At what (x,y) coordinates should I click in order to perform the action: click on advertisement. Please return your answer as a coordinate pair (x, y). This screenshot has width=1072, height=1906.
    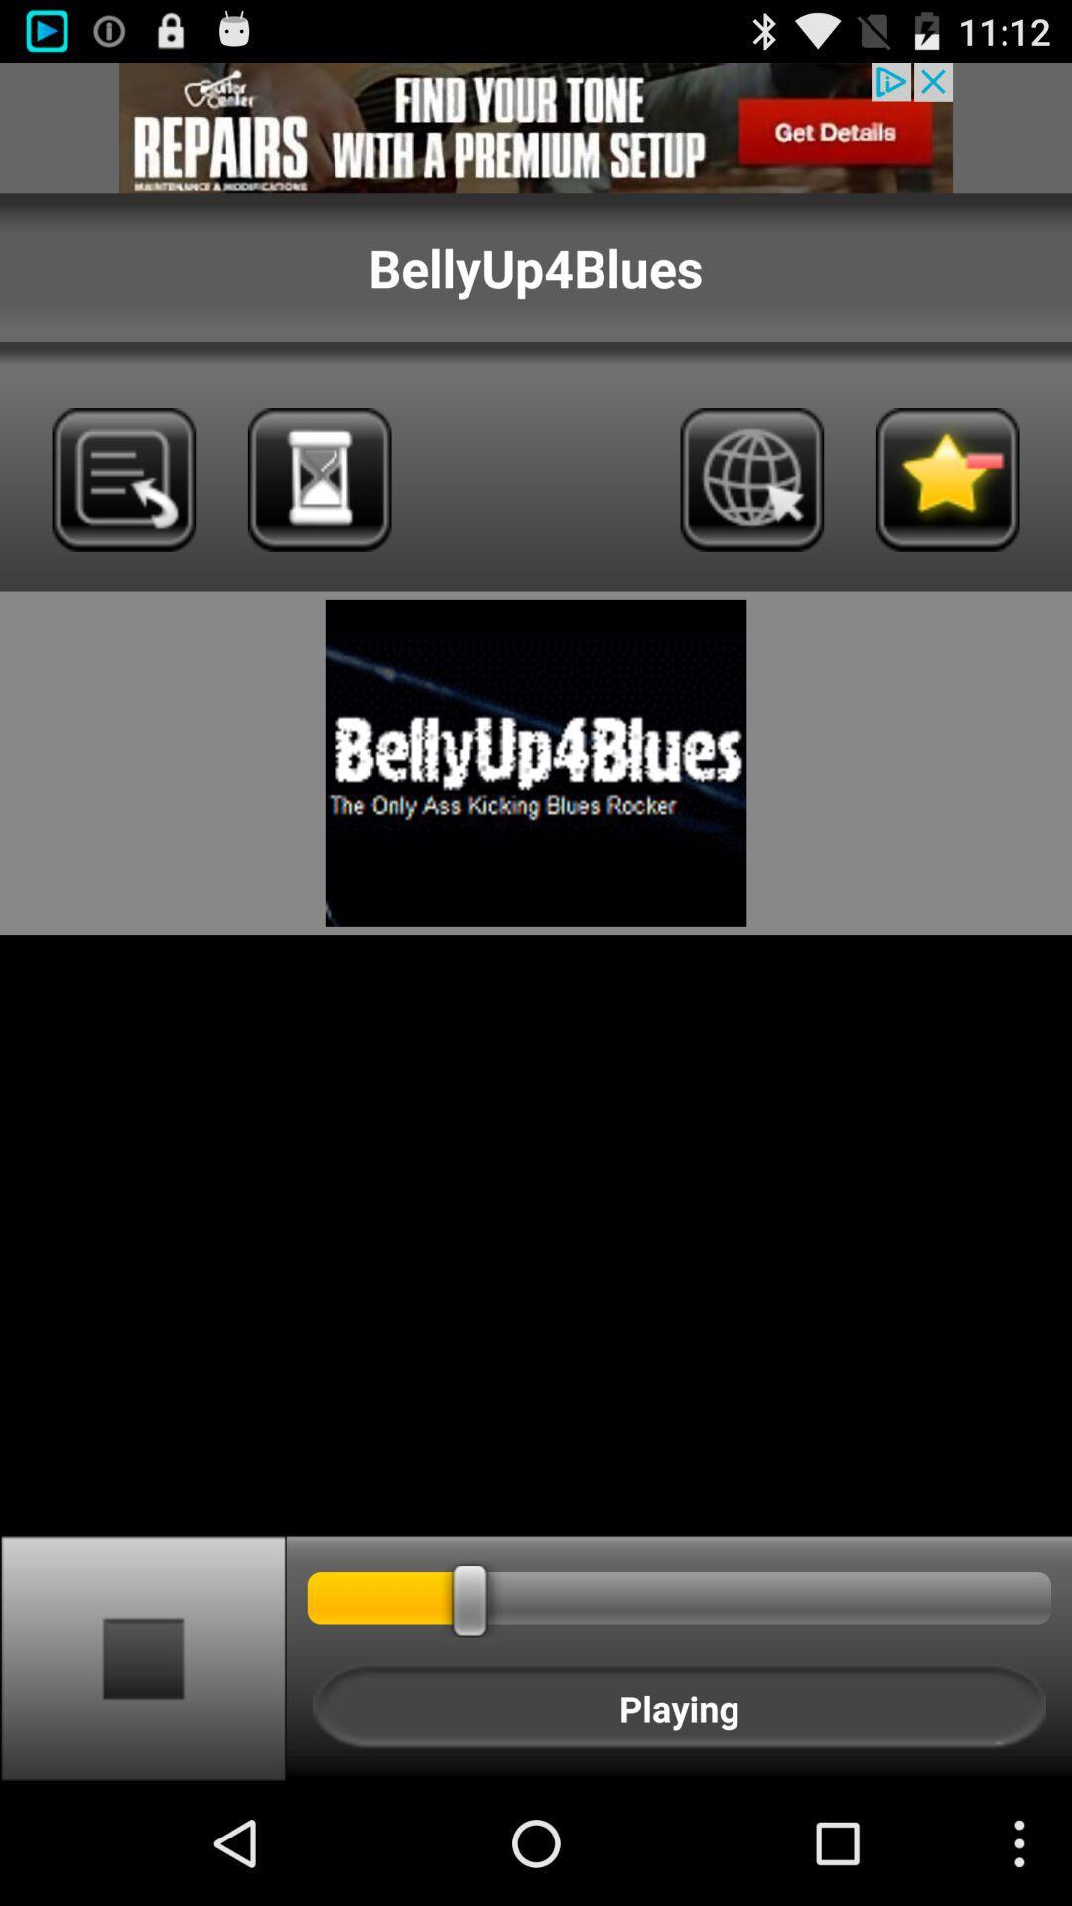
    Looking at the image, I should click on (536, 126).